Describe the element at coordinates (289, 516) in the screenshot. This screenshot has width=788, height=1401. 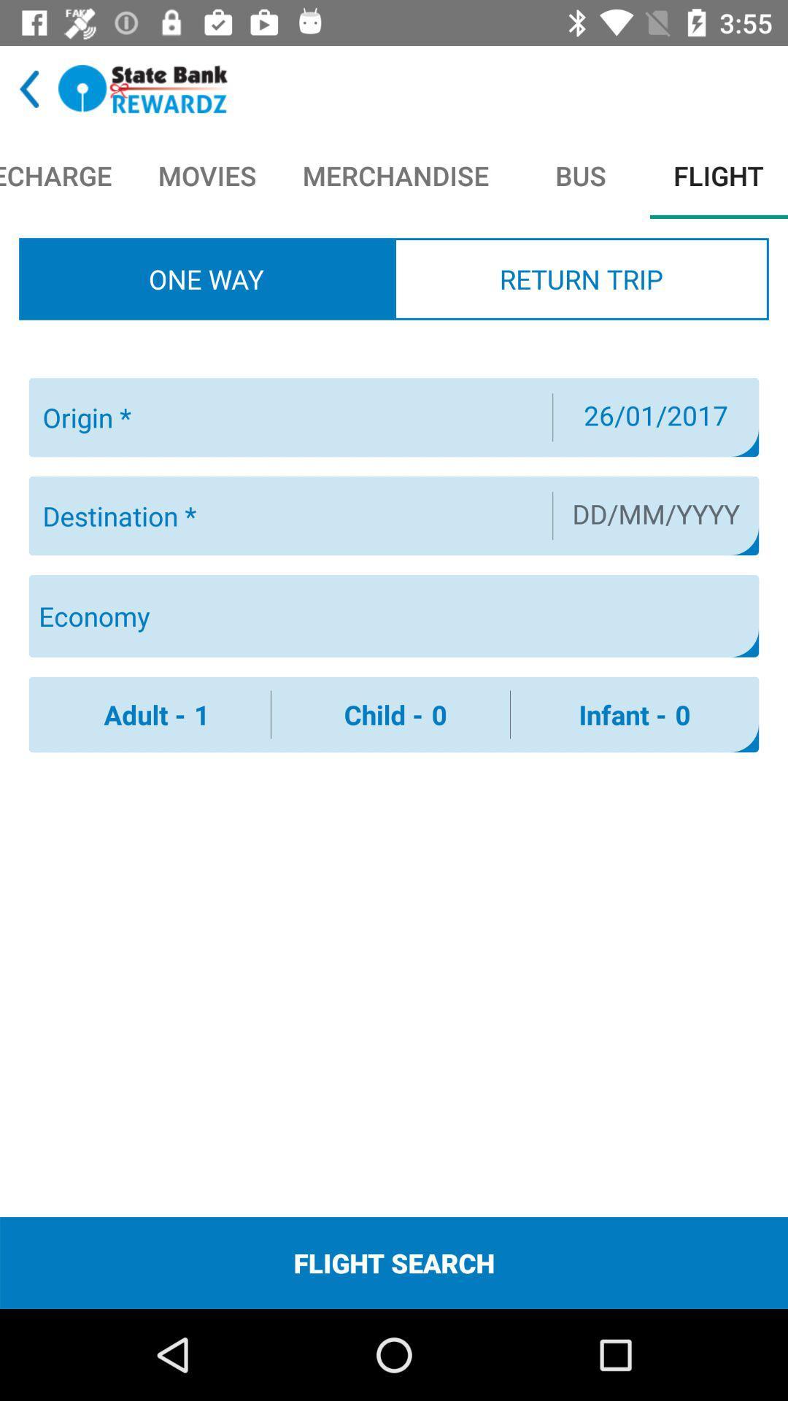
I see `trip destination` at that location.